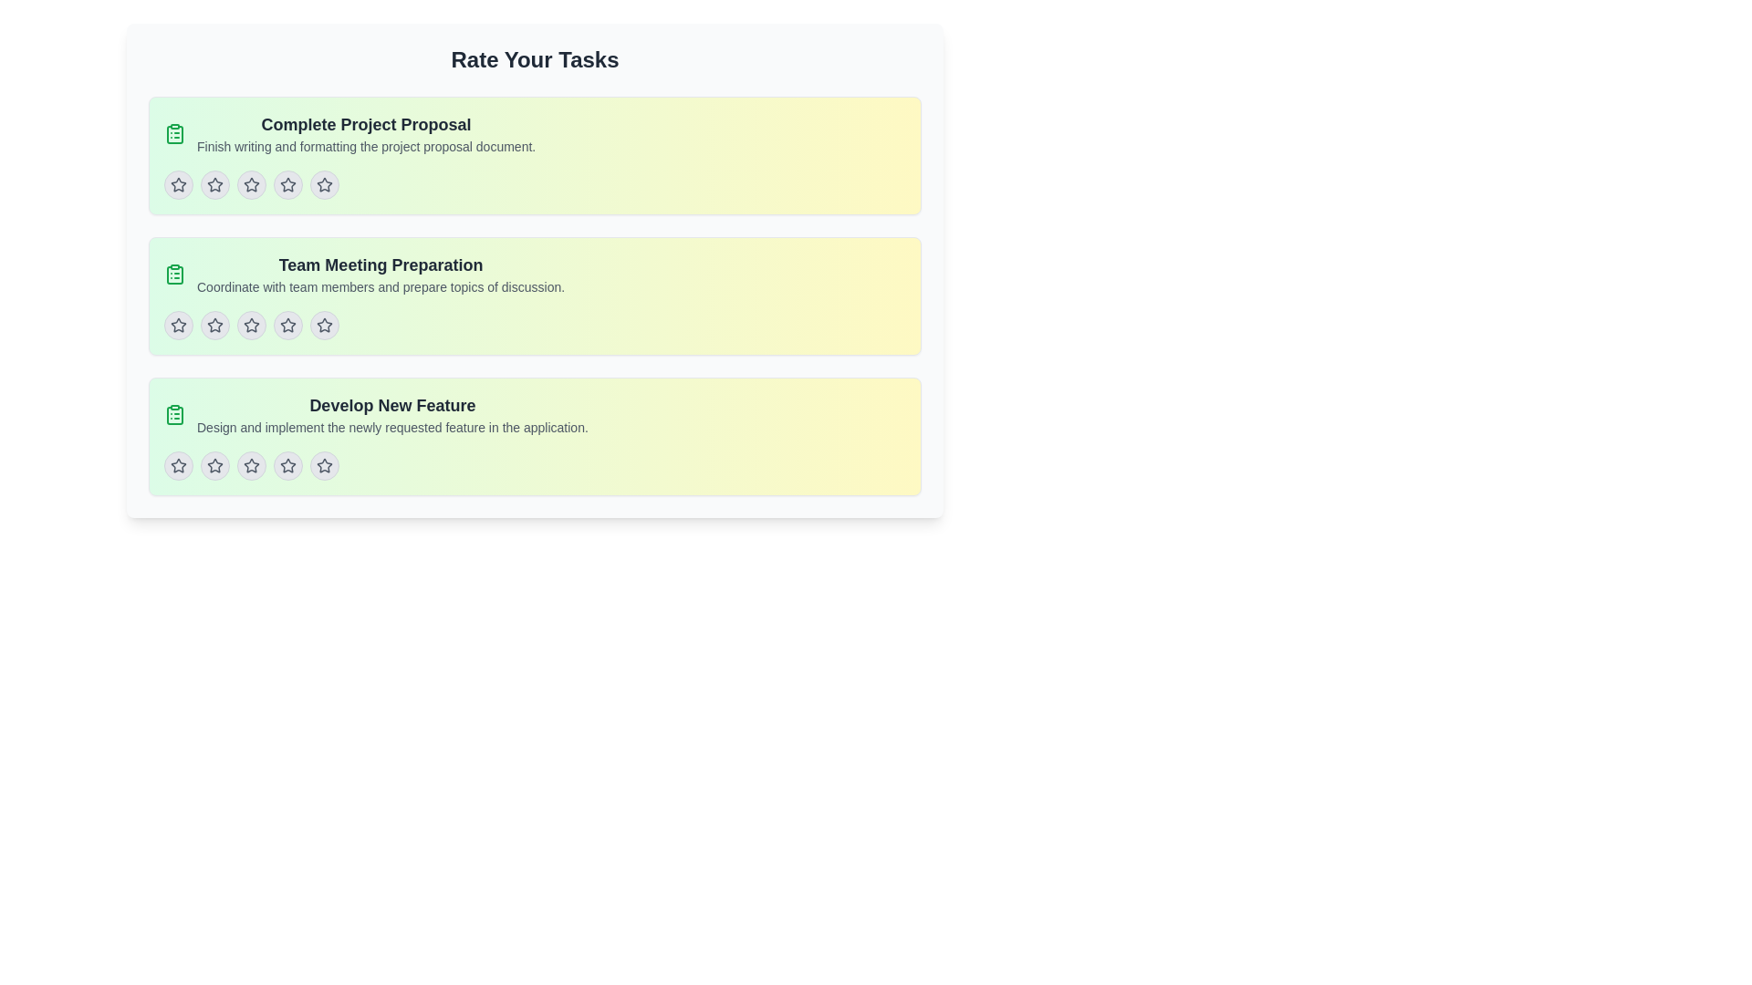 Image resolution: width=1752 pixels, height=985 pixels. I want to click on the first star icon in the rating system located in the lower section of the 'Develop New Feature' task card, so click(179, 464).